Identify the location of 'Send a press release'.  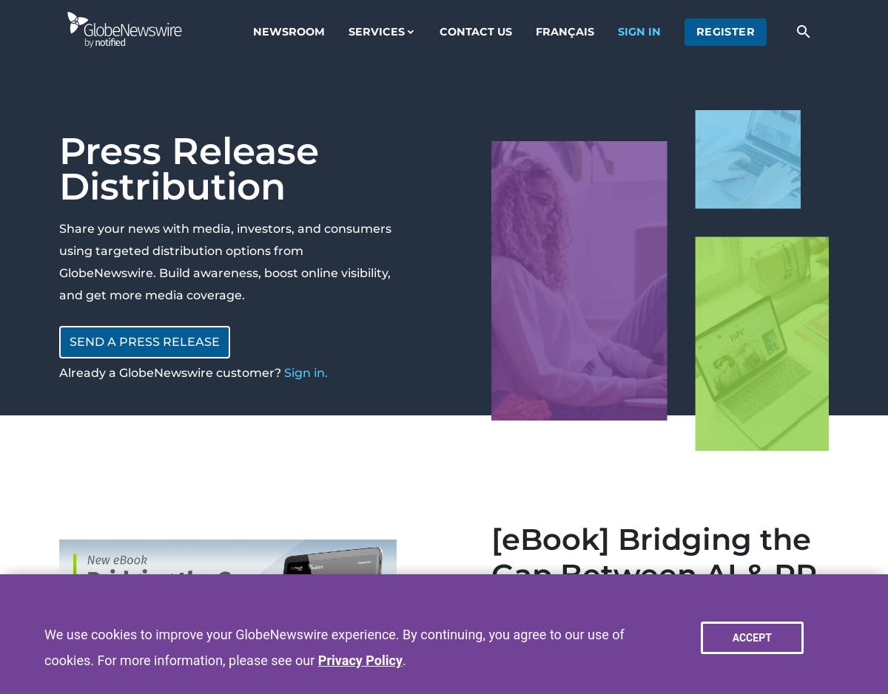
(69, 341).